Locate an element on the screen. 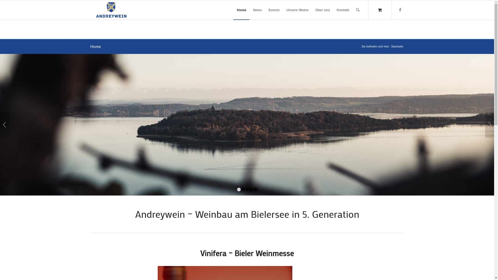 This screenshot has height=280, width=498. '3' is located at coordinates (247, 190).